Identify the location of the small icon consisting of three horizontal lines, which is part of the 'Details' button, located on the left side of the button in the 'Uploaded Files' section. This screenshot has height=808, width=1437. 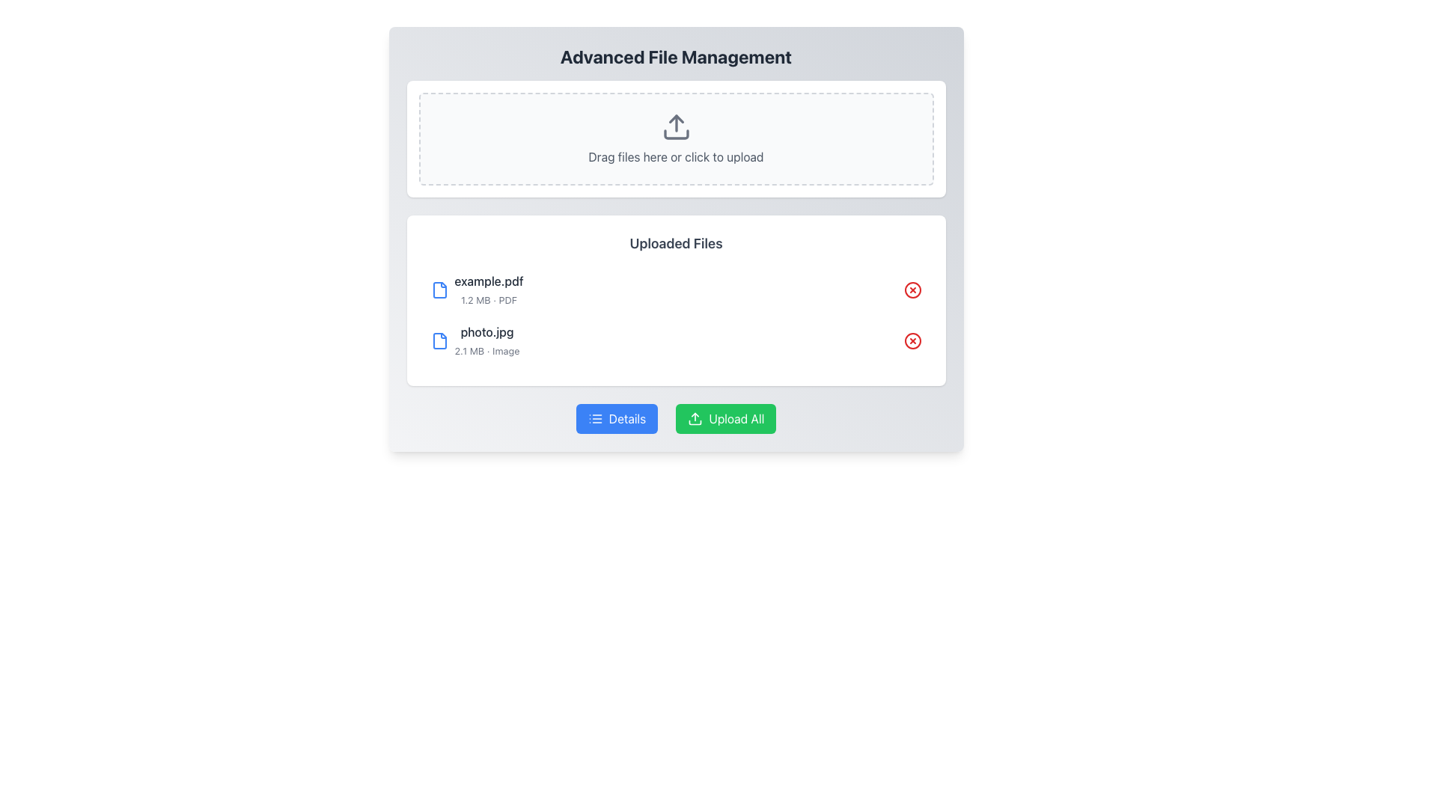
(594, 418).